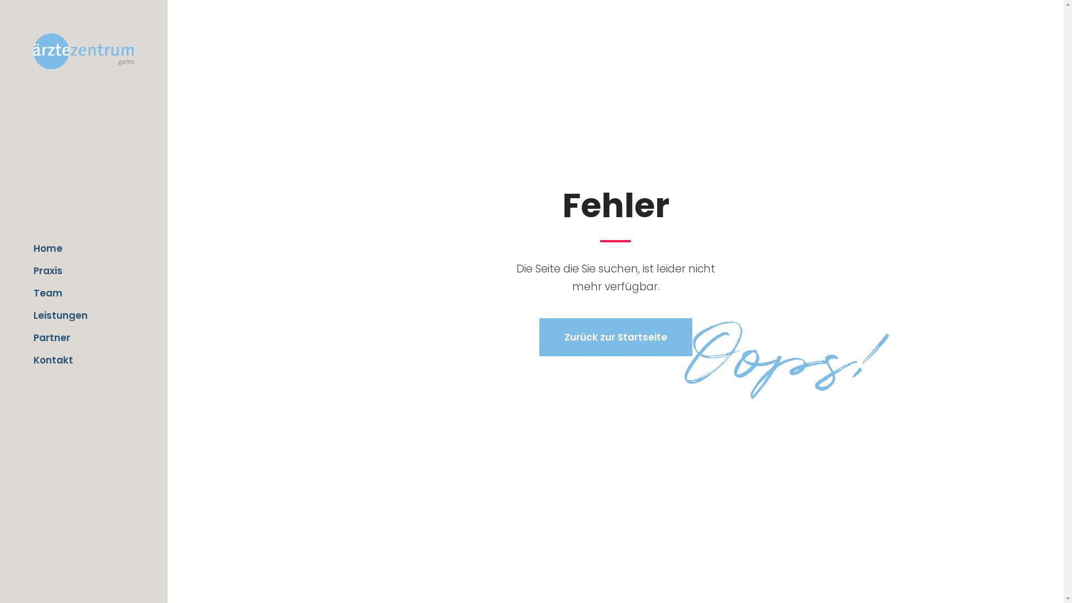 The height and width of the screenshot is (603, 1072). Describe the element at coordinates (83, 271) in the screenshot. I see `'Praxis'` at that location.